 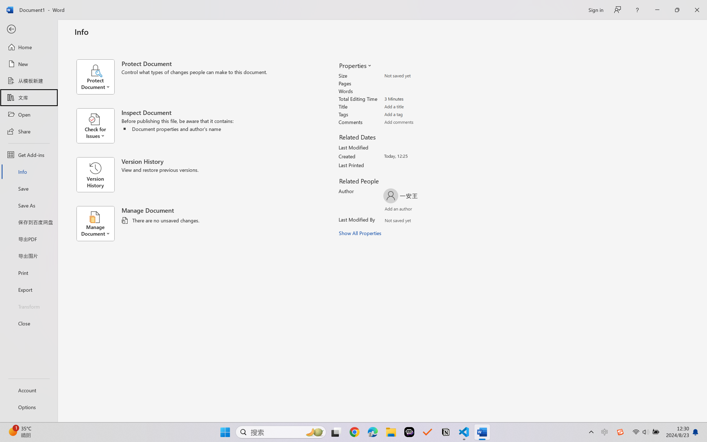 I want to click on 'Total Editing Time', so click(x=417, y=99).